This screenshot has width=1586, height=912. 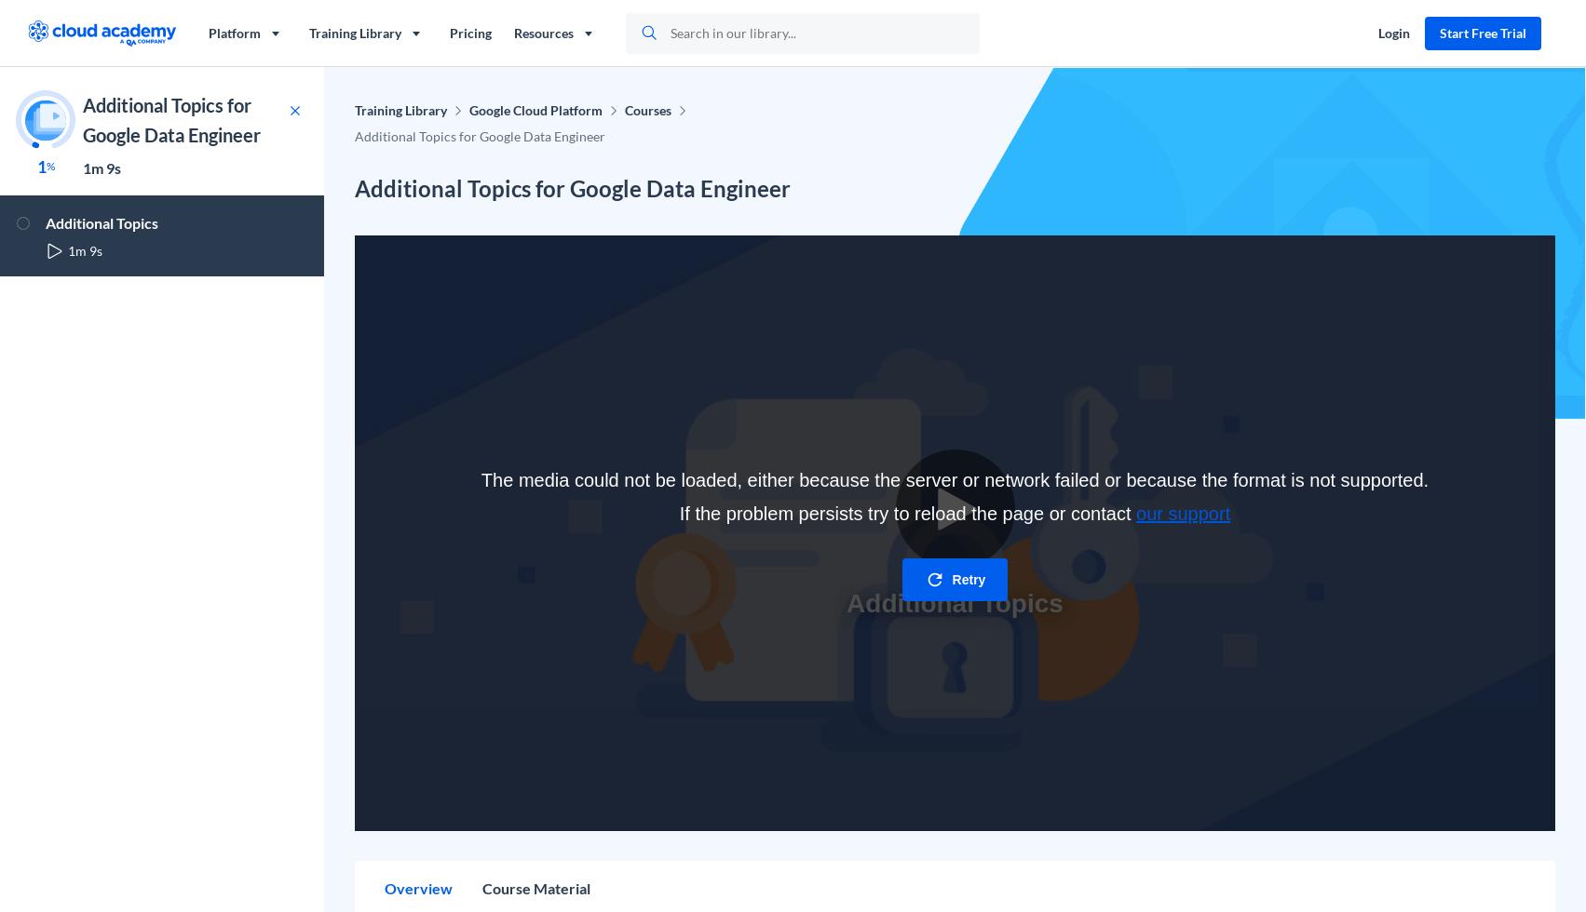 I want to click on 'Overview', so click(x=418, y=888).